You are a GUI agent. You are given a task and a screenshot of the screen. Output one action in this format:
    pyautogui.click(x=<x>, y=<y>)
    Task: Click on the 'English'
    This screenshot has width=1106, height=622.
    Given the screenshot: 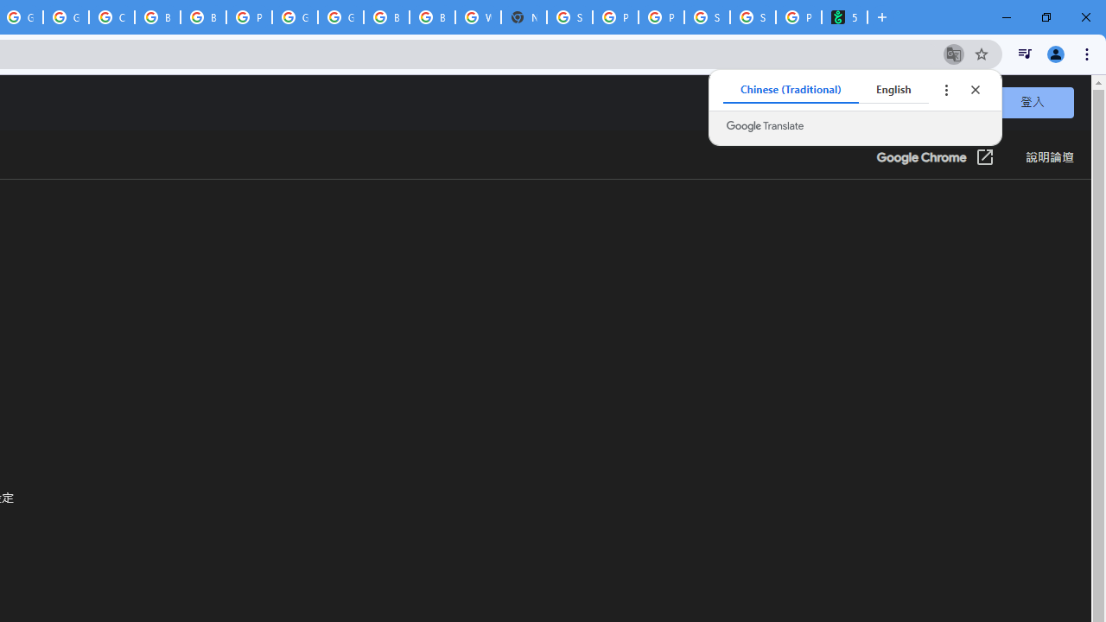 What is the action you would take?
    pyautogui.click(x=893, y=90)
    